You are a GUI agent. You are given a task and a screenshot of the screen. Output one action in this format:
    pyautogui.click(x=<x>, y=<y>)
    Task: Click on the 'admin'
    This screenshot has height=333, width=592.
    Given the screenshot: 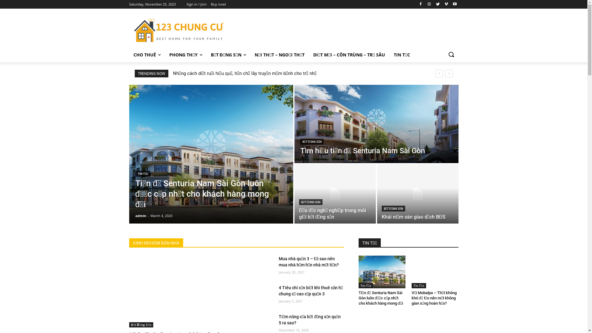 What is the action you would take?
    pyautogui.click(x=140, y=215)
    